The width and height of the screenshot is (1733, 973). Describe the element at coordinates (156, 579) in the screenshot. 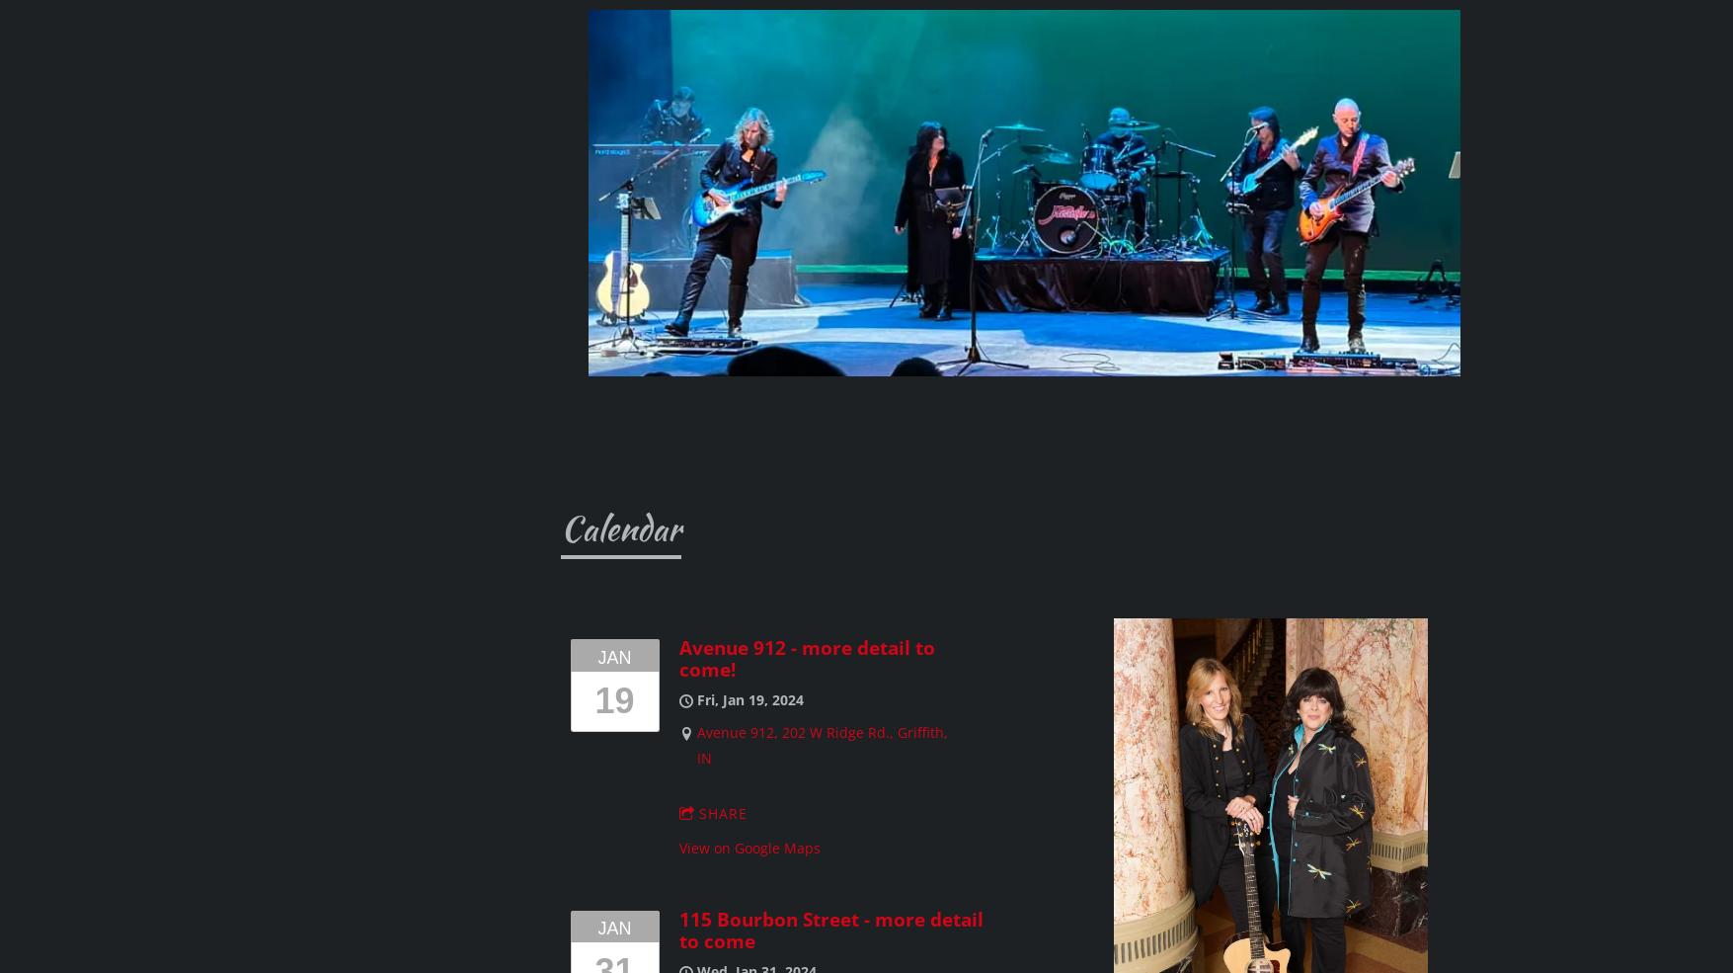

I see `'Song List'` at that location.